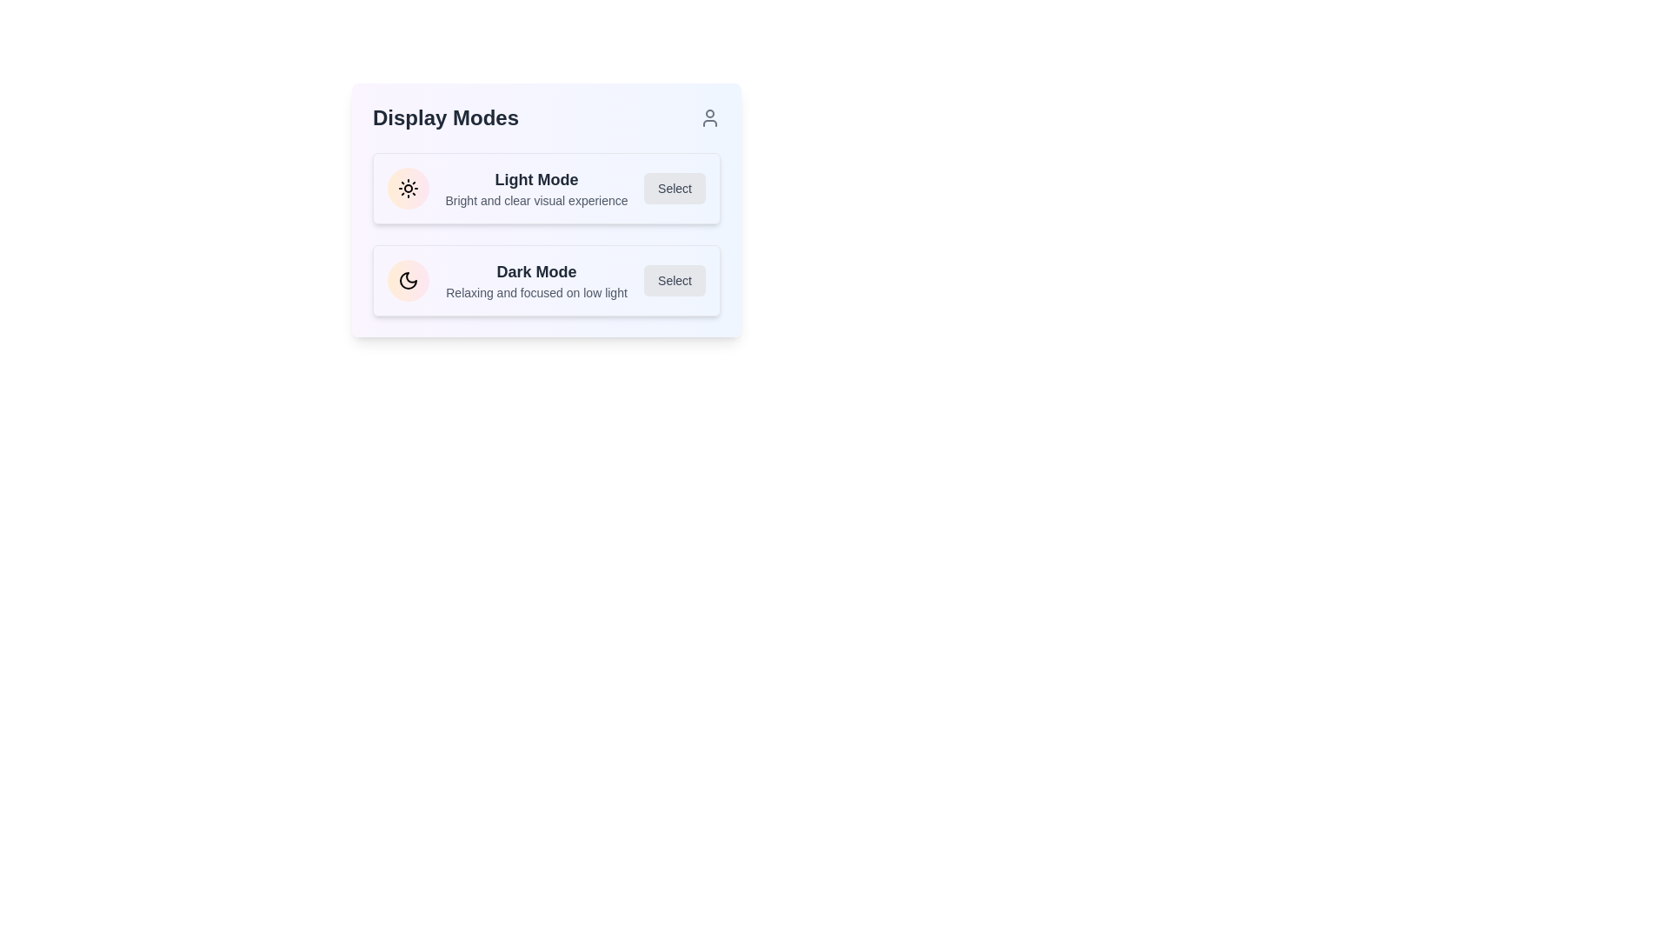 The height and width of the screenshot is (939, 1669). Describe the element at coordinates (674, 280) in the screenshot. I see `the 'Select' button to choose the 'Dark Mode' option, which is a rectangular button with rounded corners and a grayish background, positioned to the right of the 'Dark Mode' text` at that location.